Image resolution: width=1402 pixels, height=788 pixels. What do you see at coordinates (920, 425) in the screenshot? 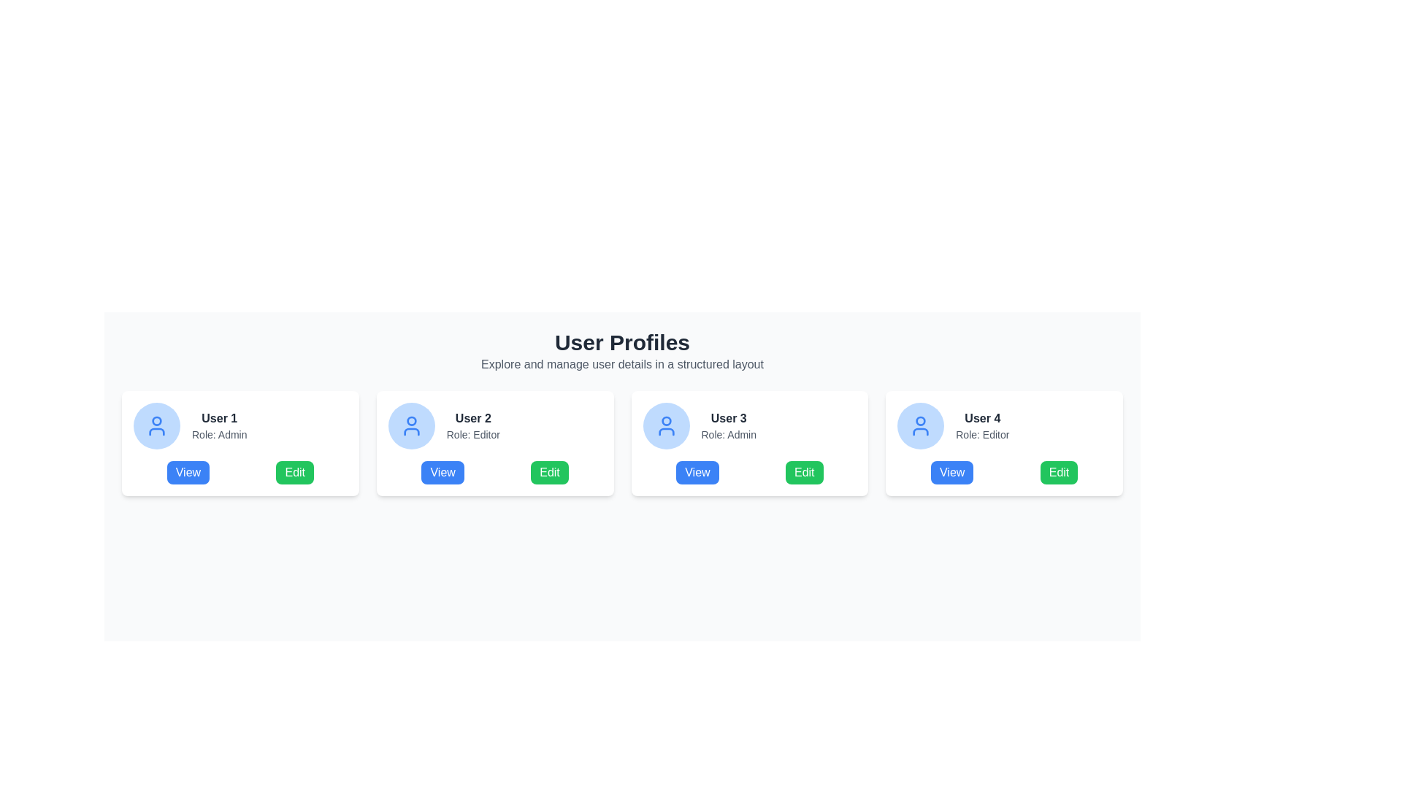
I see `the user profile icon representing 'User 4' in the card interface labeled 'User 4 Role: Editor'` at bounding box center [920, 425].